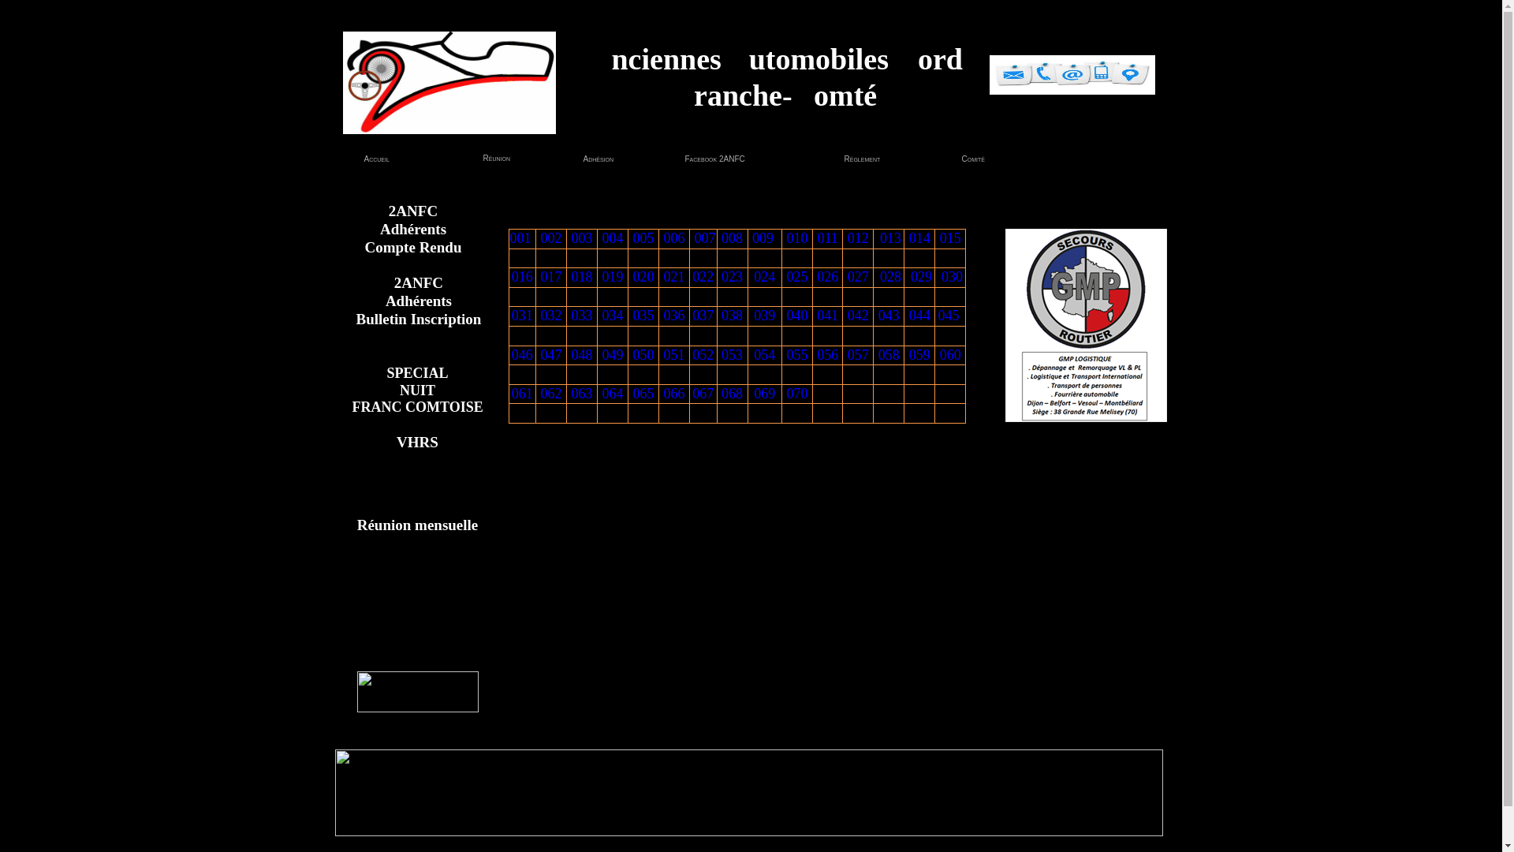  Describe the element at coordinates (416, 390) in the screenshot. I see `'SPECIAL` at that location.